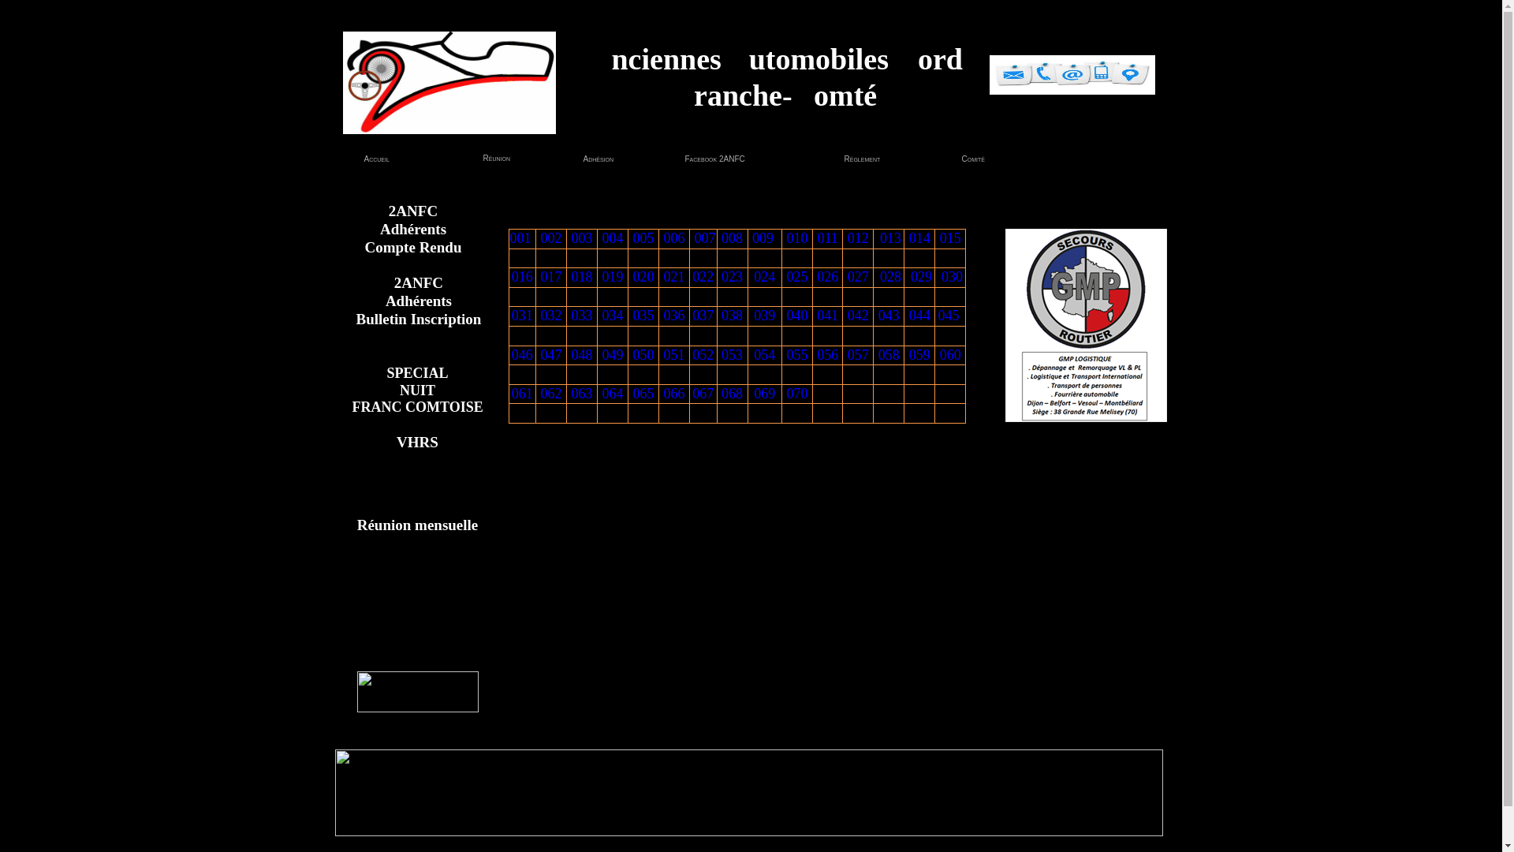  Describe the element at coordinates (416, 390) in the screenshot. I see `'SPECIAL` at that location.